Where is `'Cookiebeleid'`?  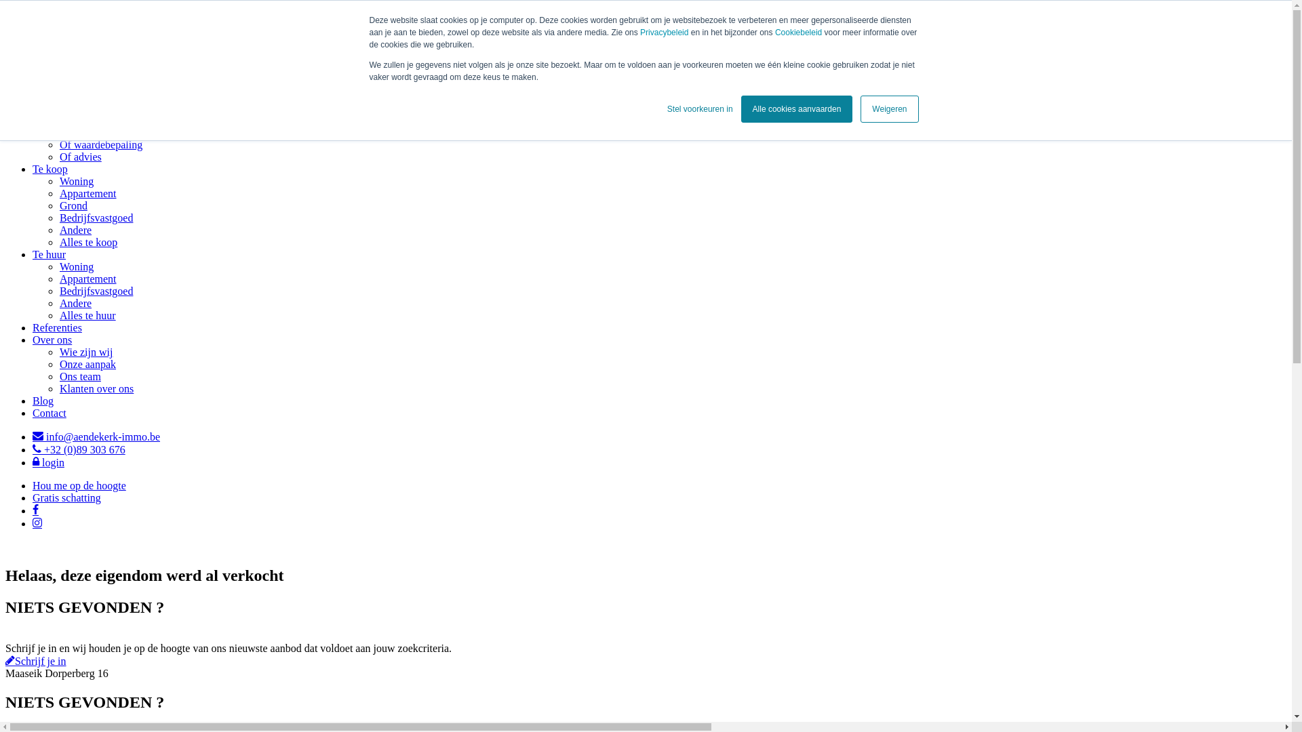 'Cookiebeleid' is located at coordinates (800, 31).